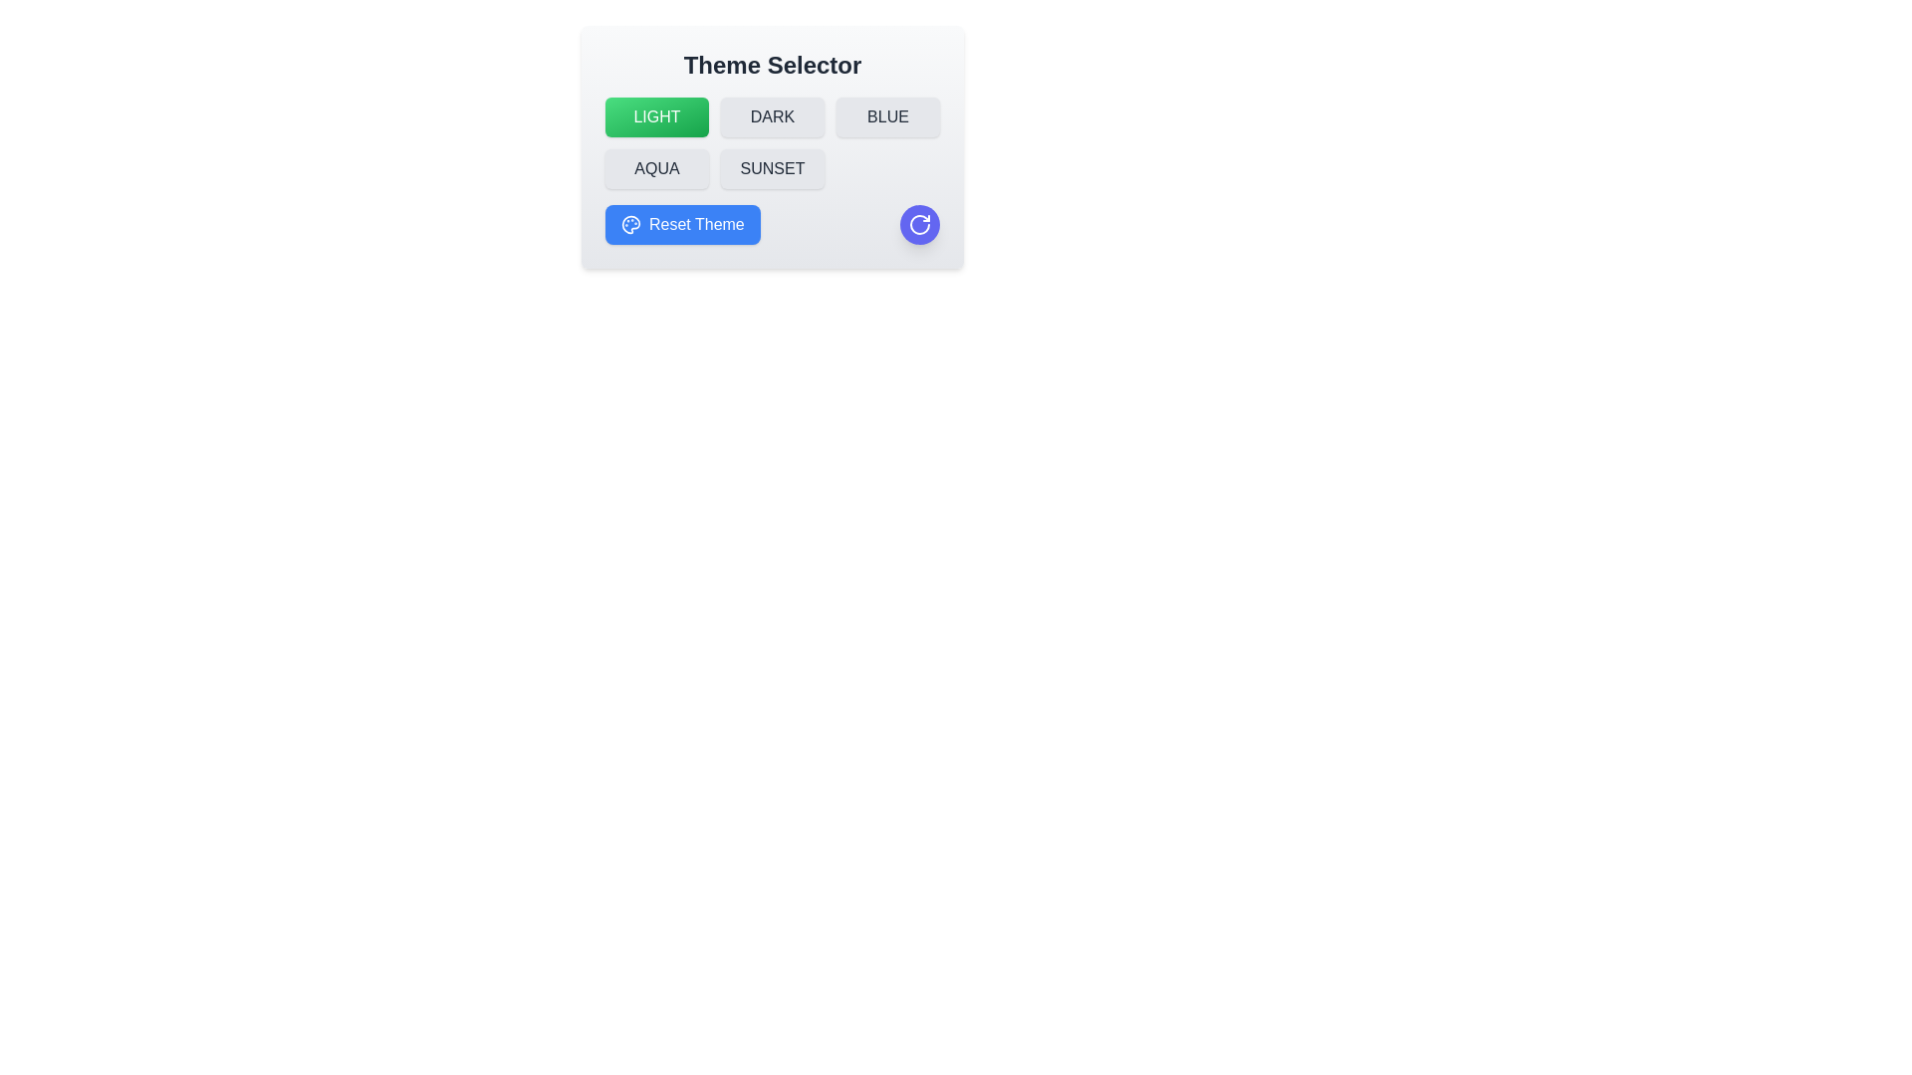 Image resolution: width=1912 pixels, height=1075 pixels. I want to click on the 'Reset Theme' button to reset the theme to 'light', so click(682, 224).